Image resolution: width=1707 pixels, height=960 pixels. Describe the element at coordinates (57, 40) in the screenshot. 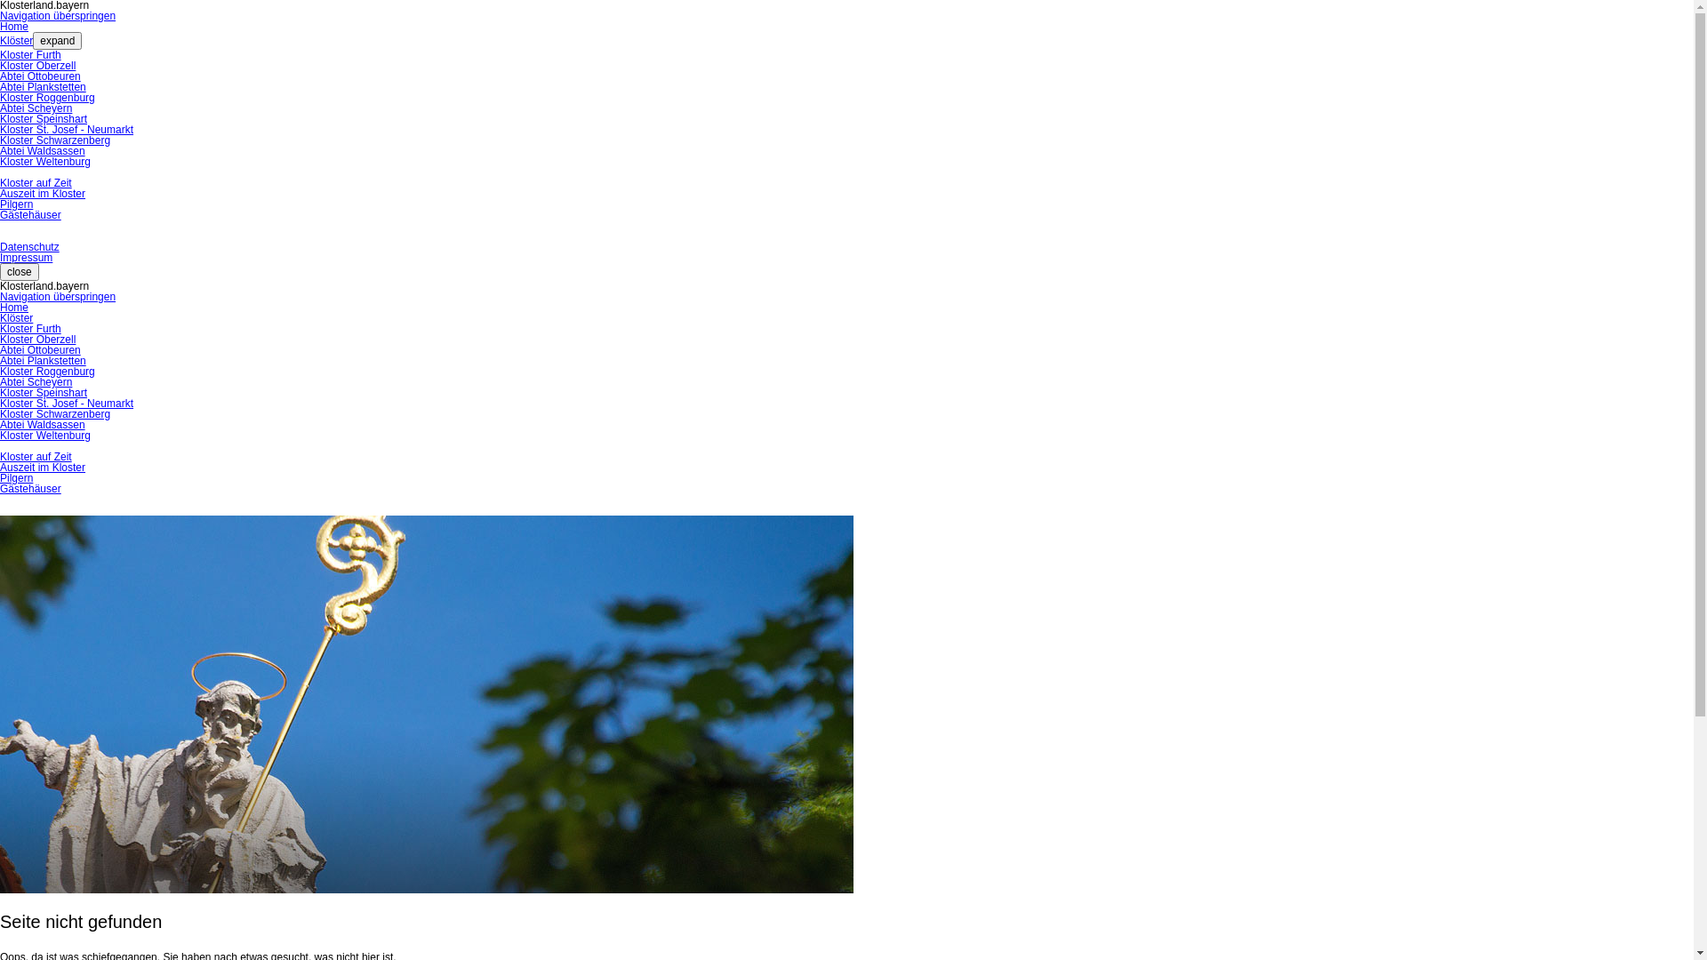

I see `'expand'` at that location.